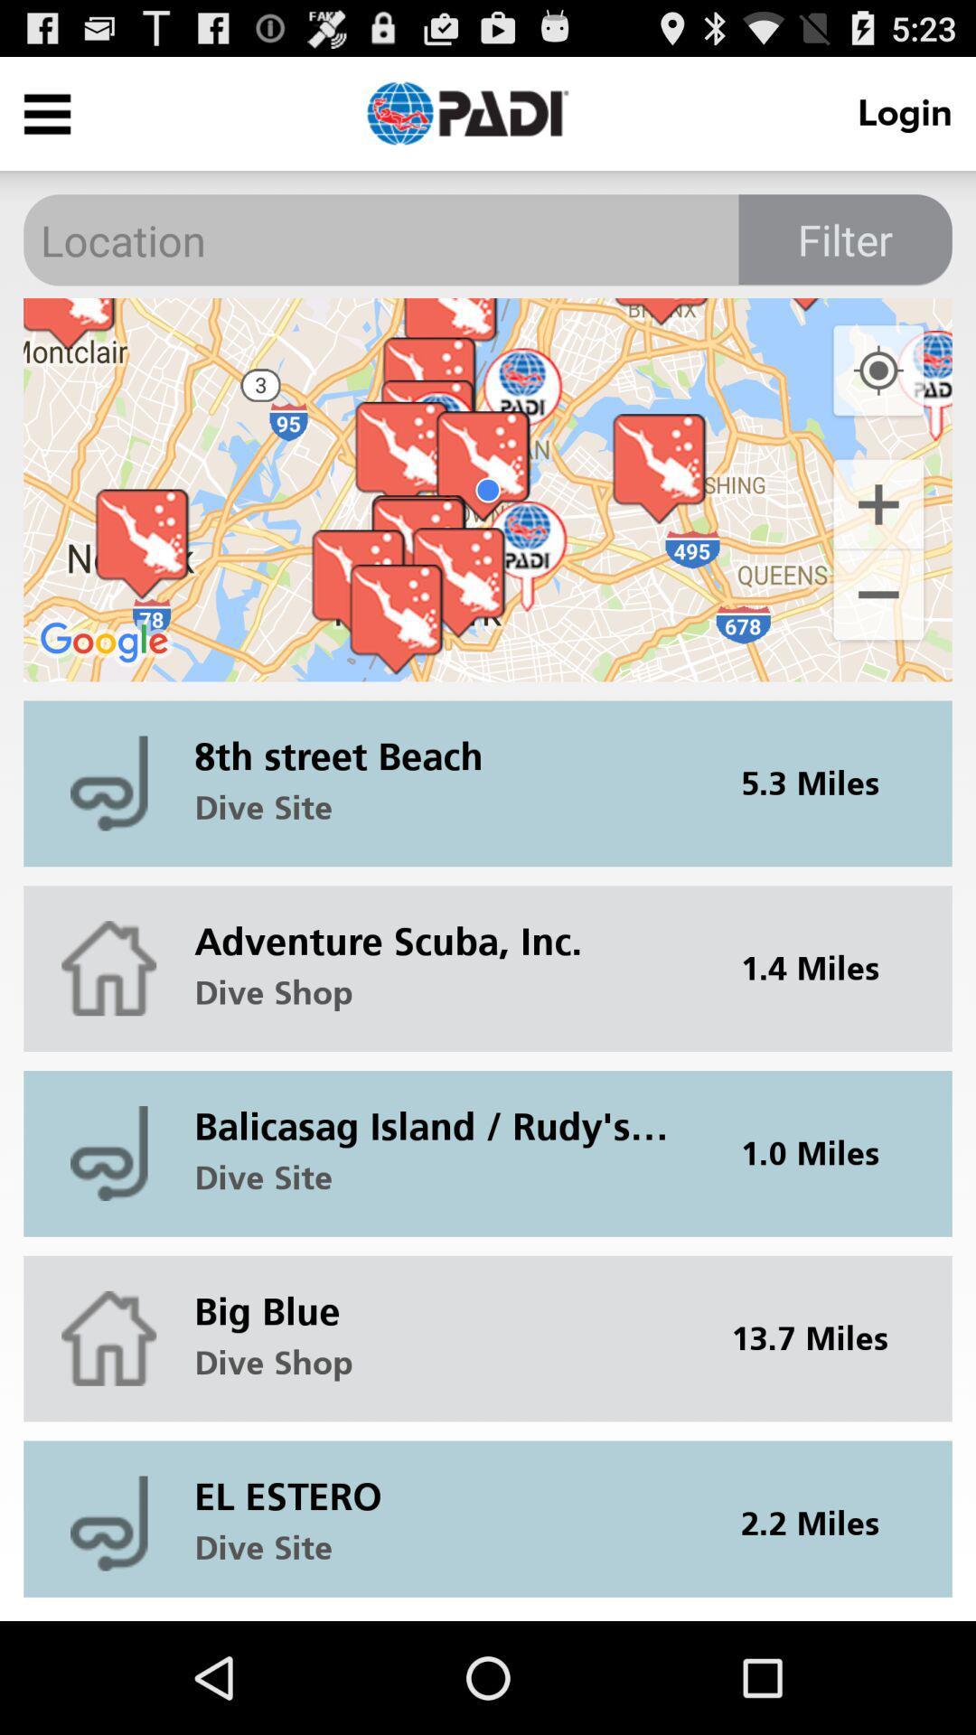 The height and width of the screenshot is (1735, 976). Describe the element at coordinates (443, 927) in the screenshot. I see `the icon below the dive site icon` at that location.